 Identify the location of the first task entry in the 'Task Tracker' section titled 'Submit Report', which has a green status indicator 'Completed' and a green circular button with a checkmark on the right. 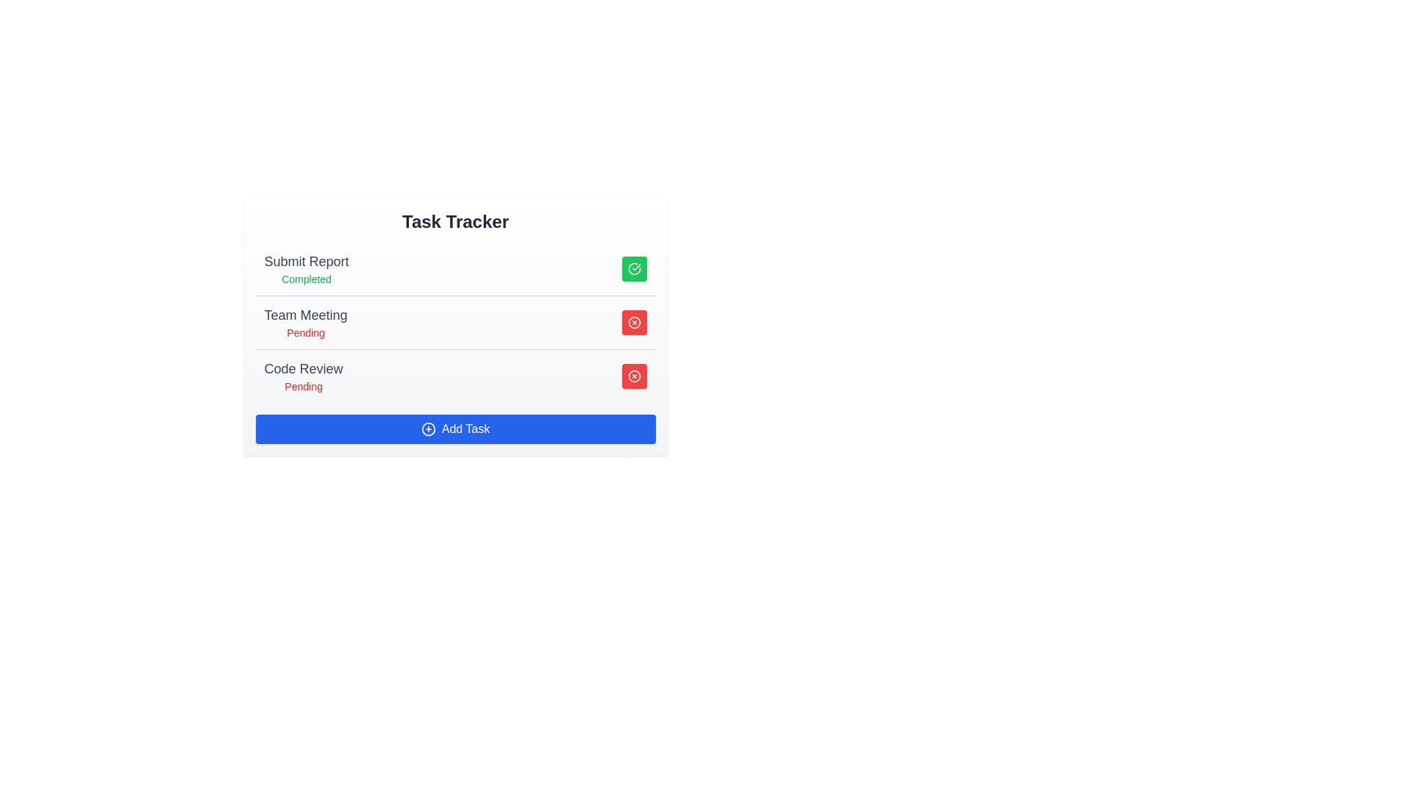
(454, 269).